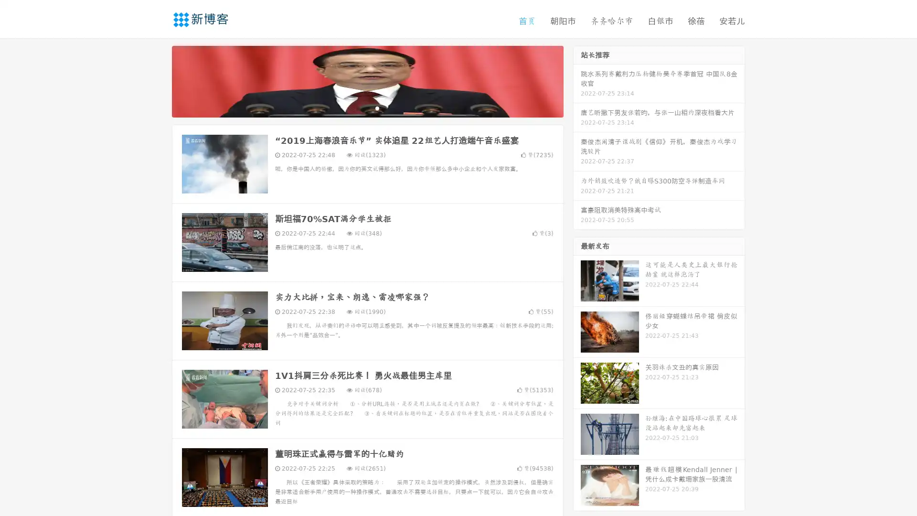 The height and width of the screenshot is (516, 917). I want to click on Go to slide 3, so click(377, 107).